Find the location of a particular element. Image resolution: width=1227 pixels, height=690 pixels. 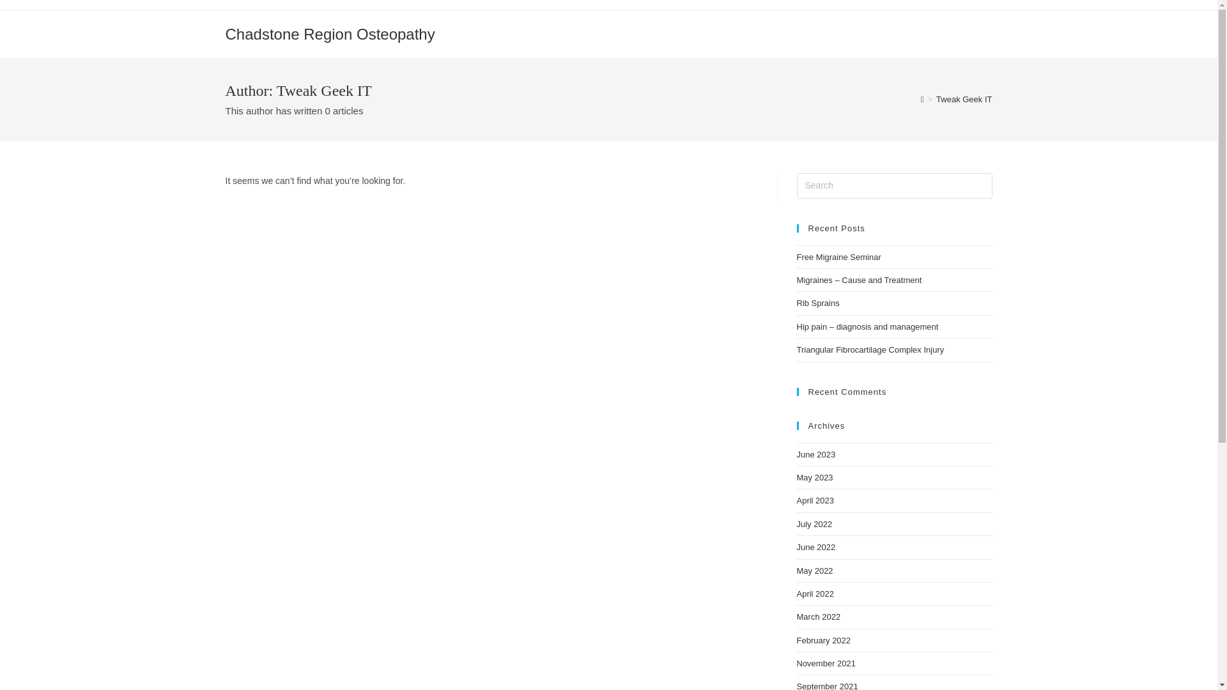

'May 2023' is located at coordinates (814, 477).